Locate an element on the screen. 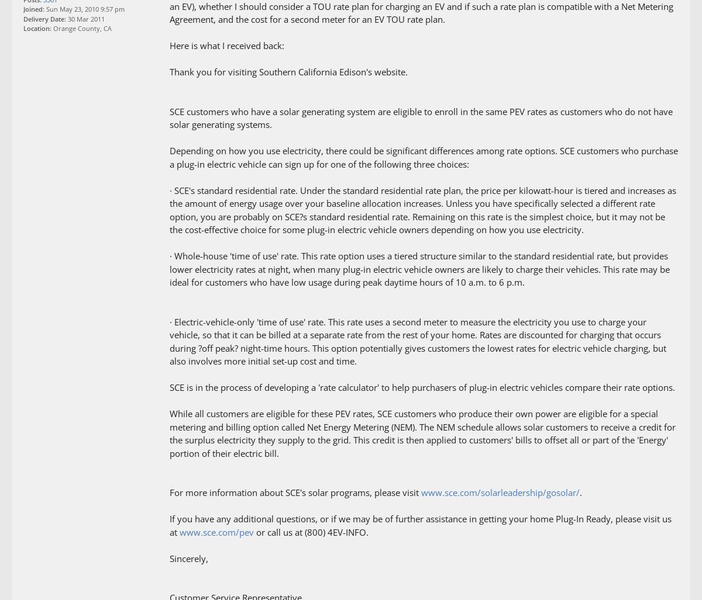 This screenshot has width=702, height=600. 'Orange County, CA' is located at coordinates (81, 28).